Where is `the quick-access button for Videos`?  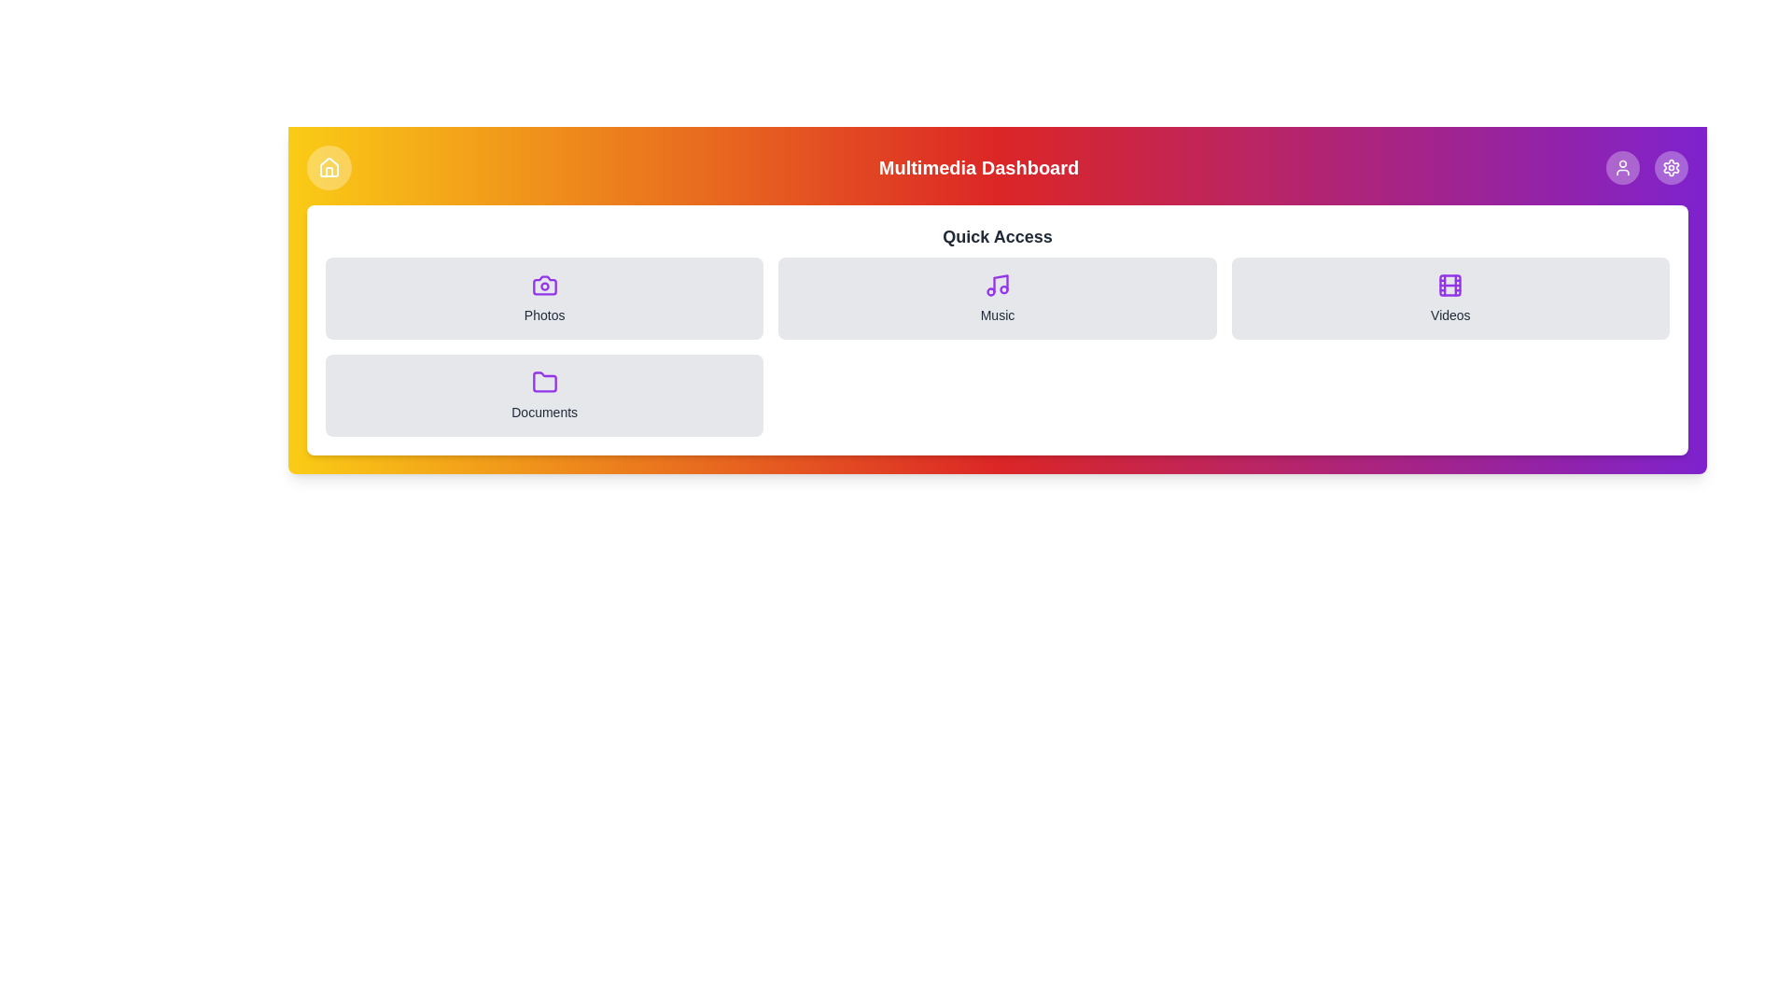 the quick-access button for Videos is located at coordinates (1449, 298).